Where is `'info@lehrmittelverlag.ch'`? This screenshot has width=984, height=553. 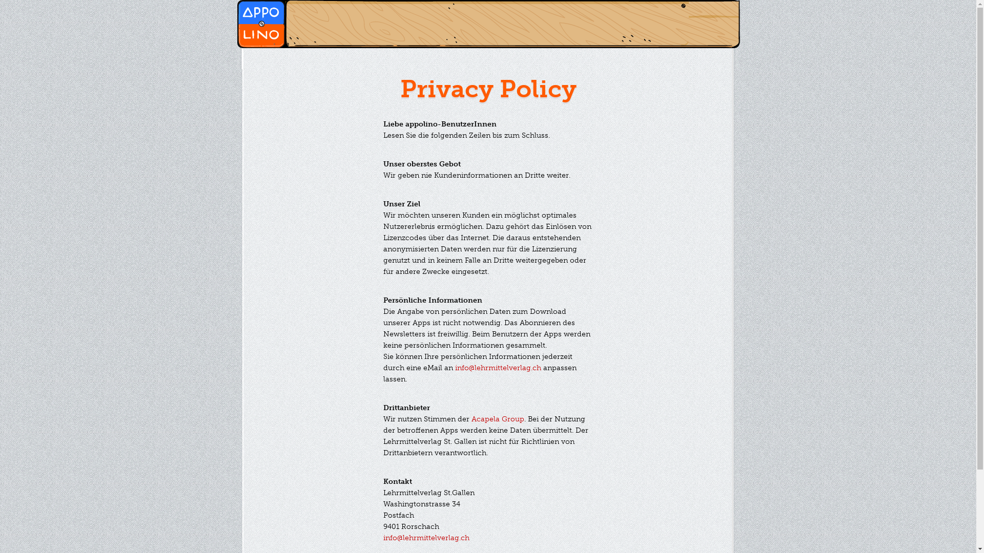
'info@lehrmittelverlag.ch' is located at coordinates (426, 537).